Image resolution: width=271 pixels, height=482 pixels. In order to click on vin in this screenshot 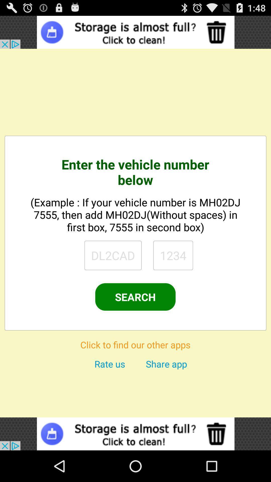, I will do `click(173, 255)`.